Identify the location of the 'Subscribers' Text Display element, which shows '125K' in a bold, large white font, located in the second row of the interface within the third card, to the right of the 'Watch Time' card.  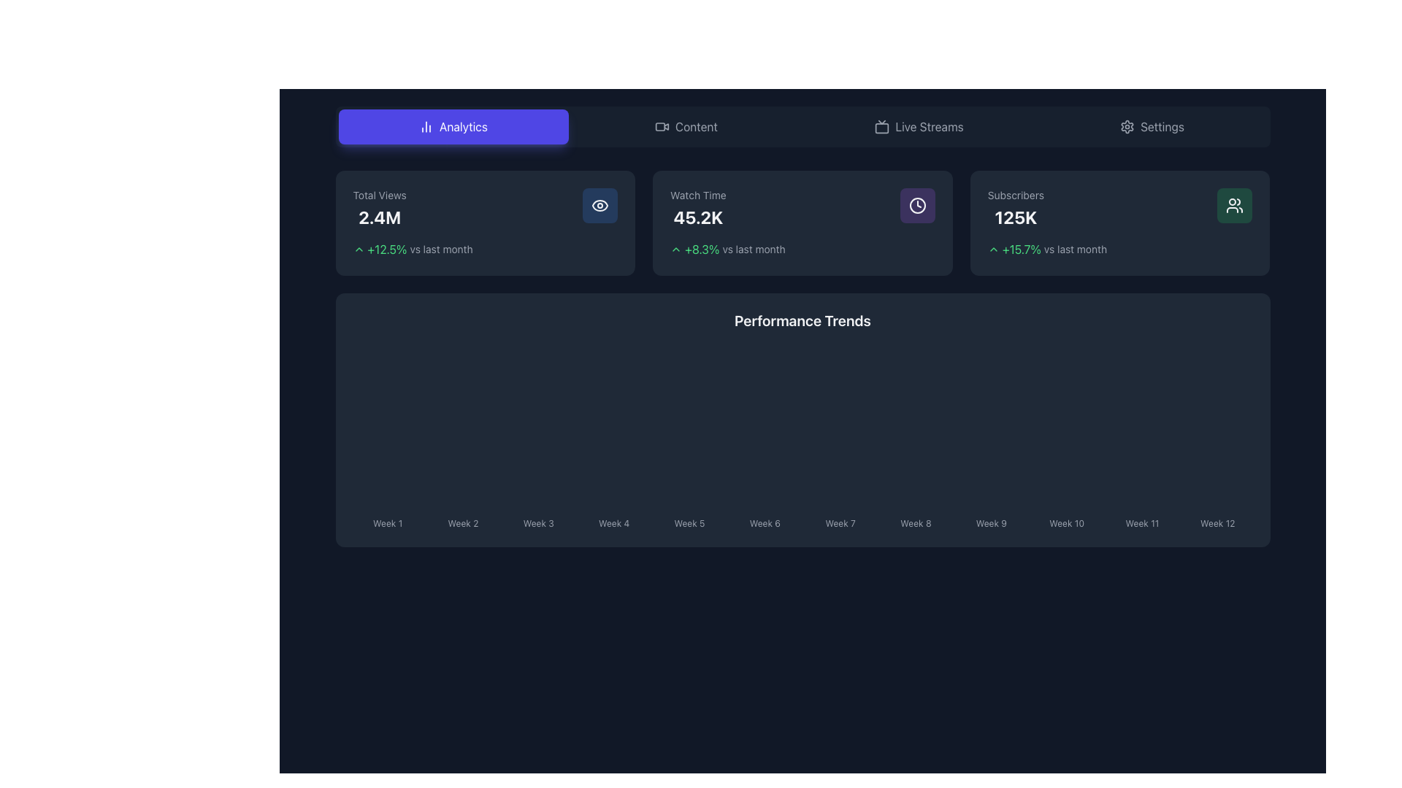
(1015, 208).